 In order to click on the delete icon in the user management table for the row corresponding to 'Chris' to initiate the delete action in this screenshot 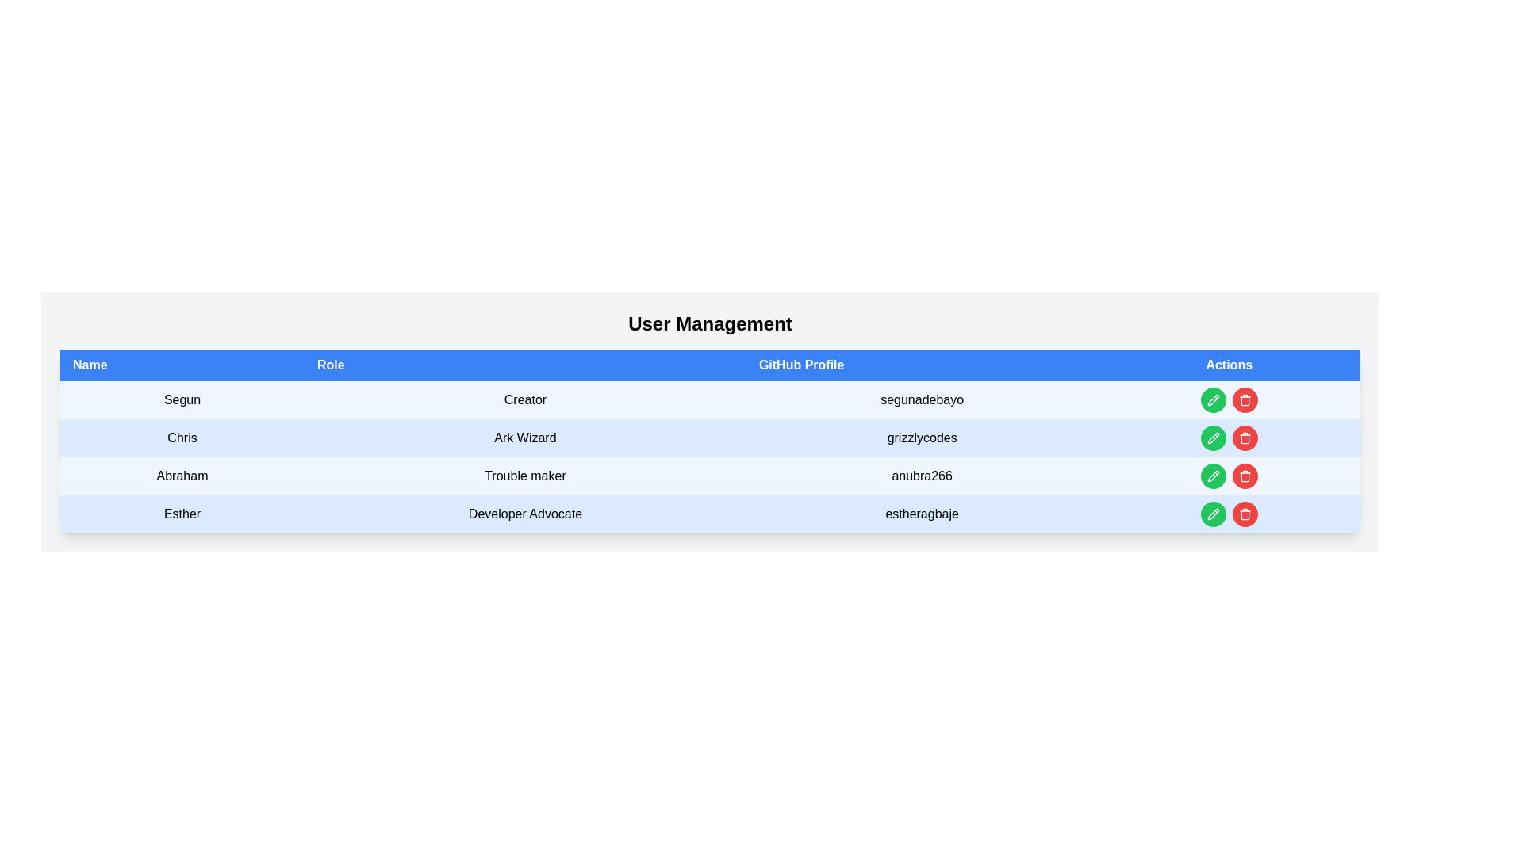, I will do `click(1244, 439)`.